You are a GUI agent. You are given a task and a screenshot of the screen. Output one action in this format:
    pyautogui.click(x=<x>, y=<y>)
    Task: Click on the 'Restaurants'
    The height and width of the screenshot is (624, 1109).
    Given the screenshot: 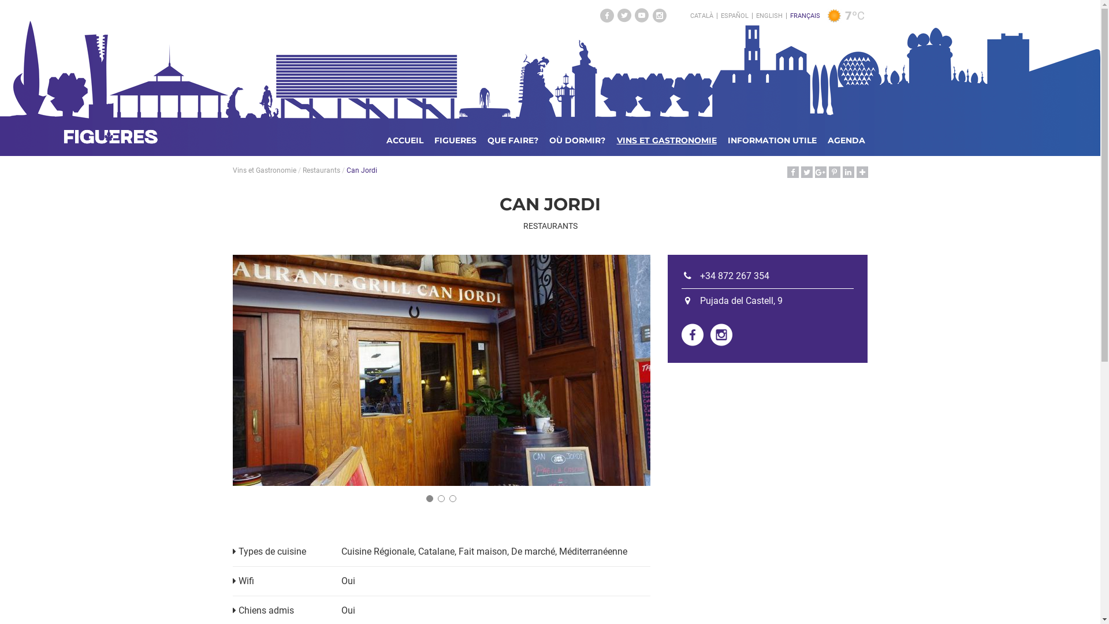 What is the action you would take?
    pyautogui.click(x=302, y=170)
    